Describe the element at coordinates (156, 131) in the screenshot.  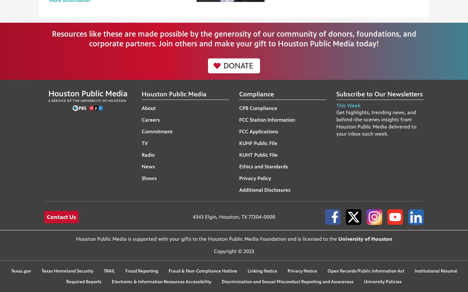
I see `'Commitment'` at that location.